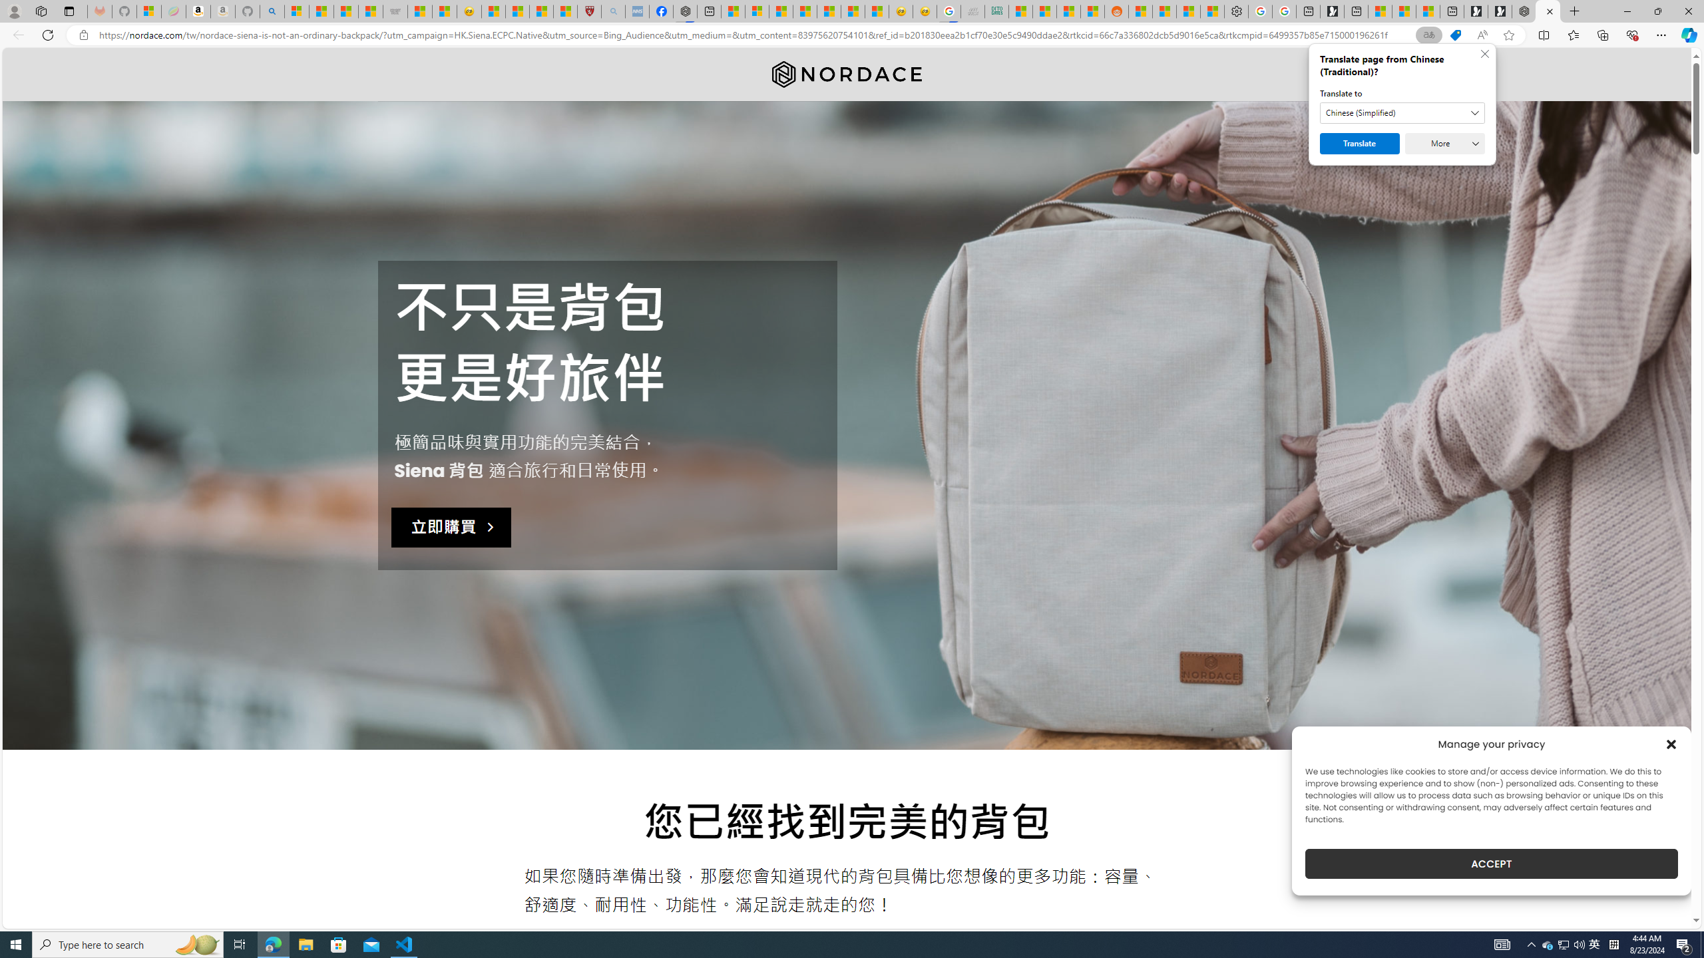 The width and height of the screenshot is (1704, 958). I want to click on 'This site has coupons! Shopping in Microsoft Edge', so click(1454, 35).